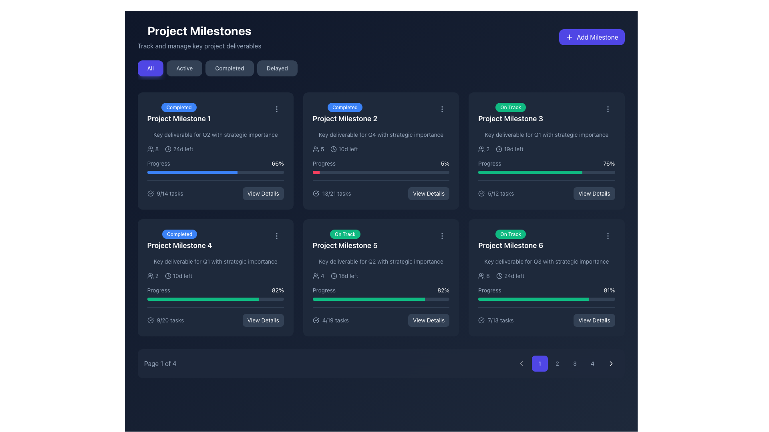 This screenshot has height=432, width=769. What do you see at coordinates (510, 119) in the screenshot?
I see `the text label or heading that serves as a title for the milestone summary, located below the 'On Track' badge in the top-right card of the grid layout` at bounding box center [510, 119].